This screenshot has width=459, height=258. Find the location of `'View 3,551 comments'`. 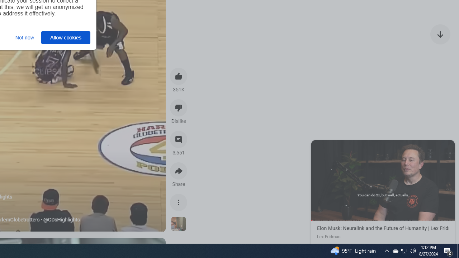

'View 3,551 comments' is located at coordinates (179, 139).